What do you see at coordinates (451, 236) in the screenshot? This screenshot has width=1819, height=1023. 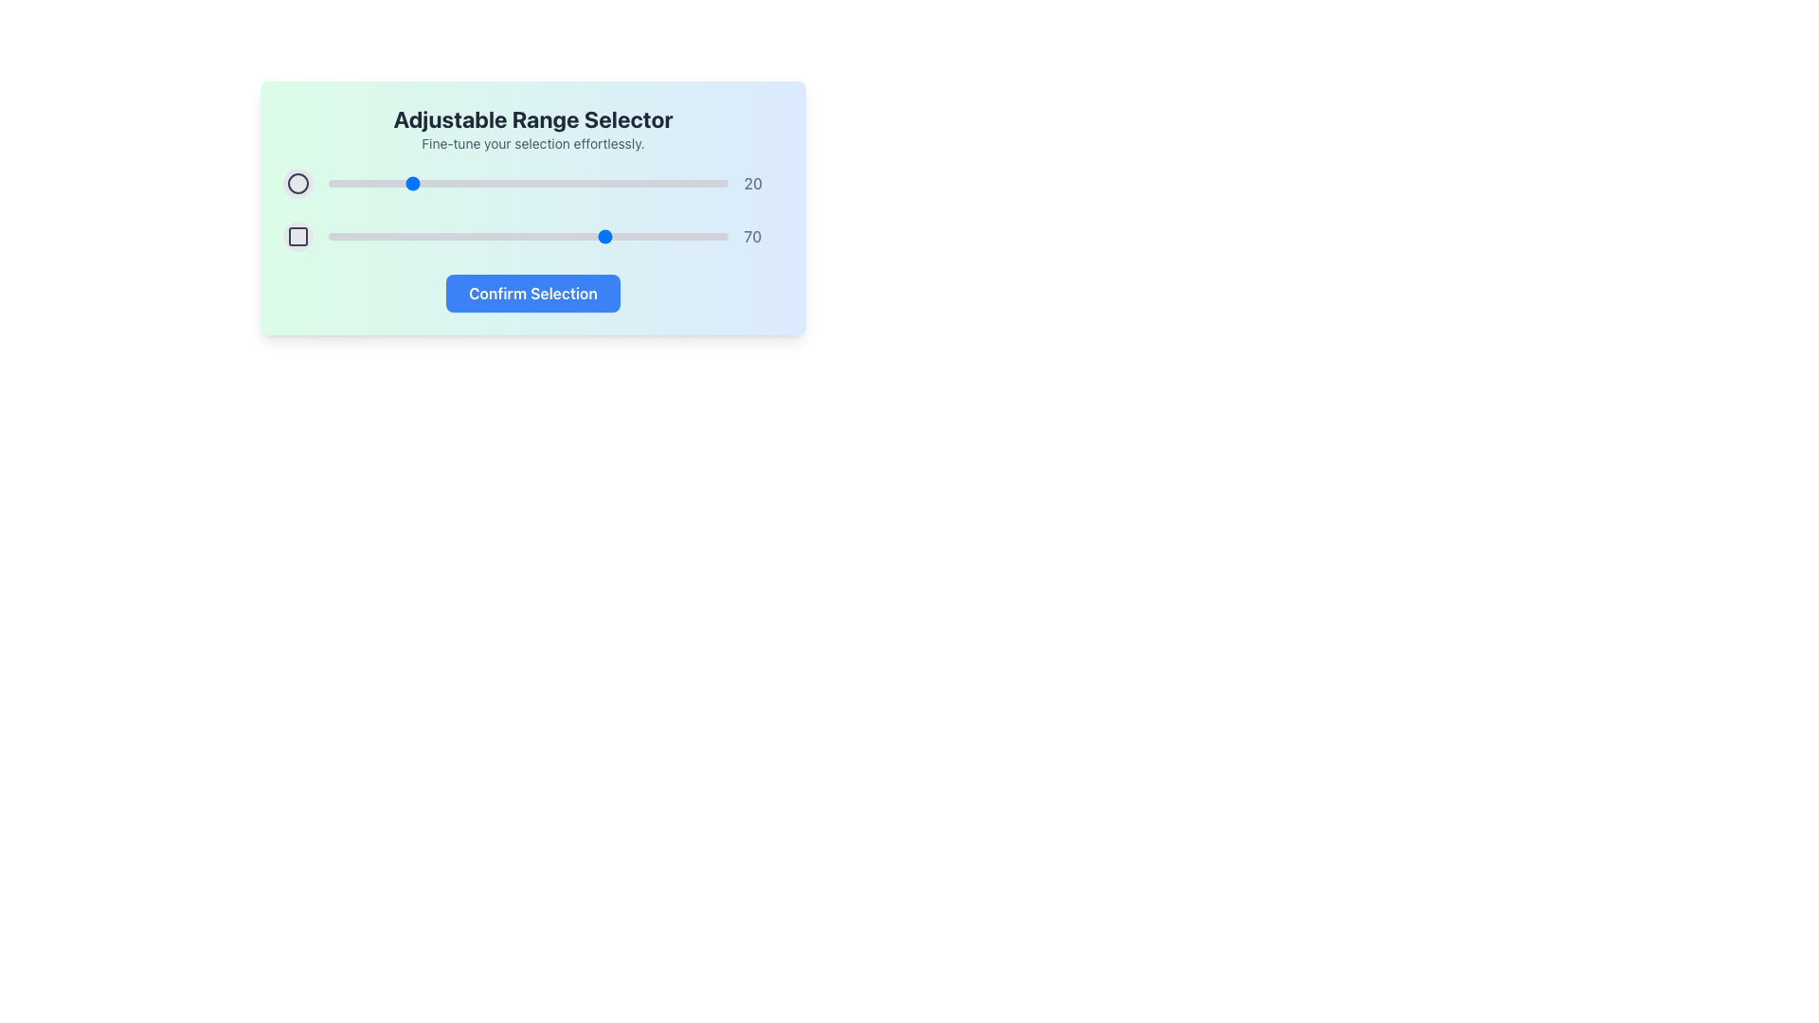 I see `the slider value` at bounding box center [451, 236].